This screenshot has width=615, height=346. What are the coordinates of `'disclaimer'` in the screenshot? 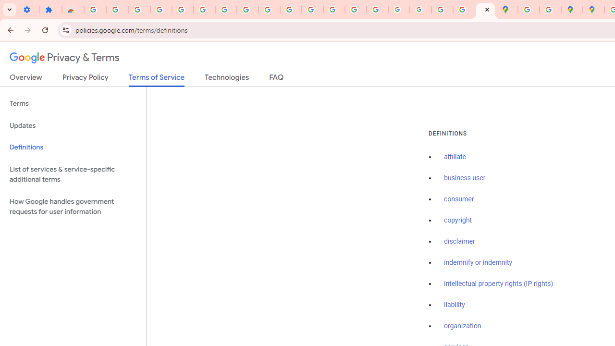 It's located at (459, 241).